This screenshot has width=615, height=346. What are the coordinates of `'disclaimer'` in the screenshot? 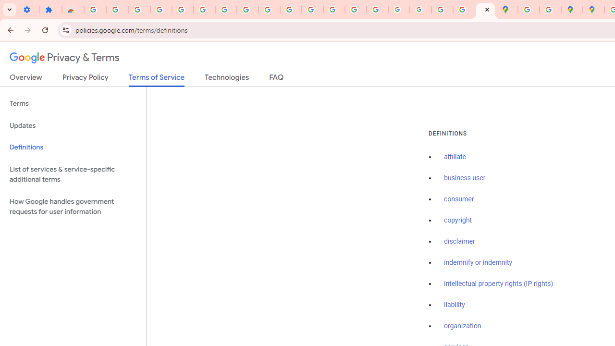 It's located at (459, 241).